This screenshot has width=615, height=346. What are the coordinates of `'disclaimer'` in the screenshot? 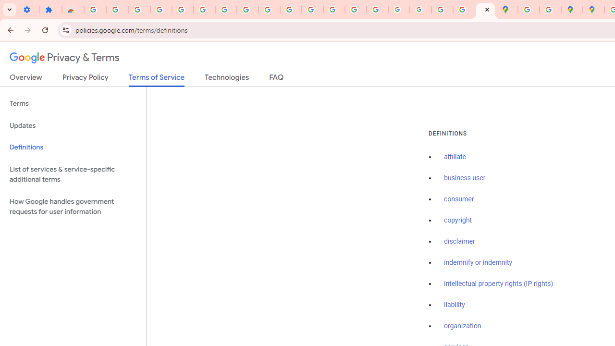 It's located at (459, 241).